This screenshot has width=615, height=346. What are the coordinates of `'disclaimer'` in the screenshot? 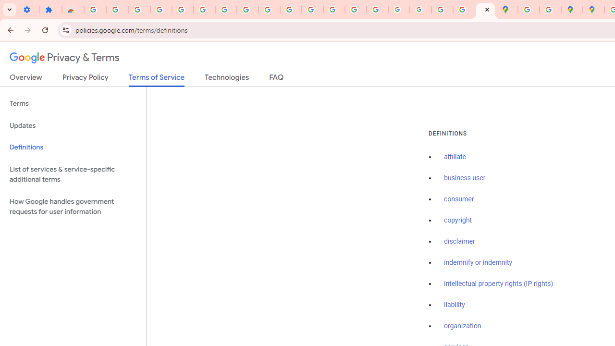 It's located at (459, 241).